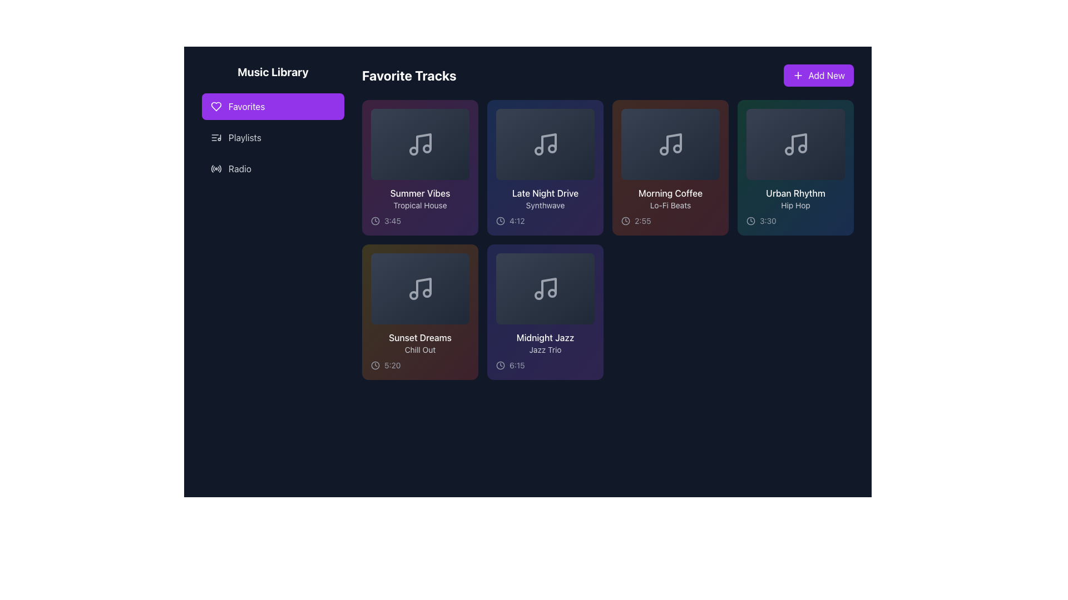 Image resolution: width=1068 pixels, height=600 pixels. Describe the element at coordinates (798, 75) in the screenshot. I see `the plus icon representing the 'Add New' action, located to the left of the 'Add New' button at the top-right corner of the interface` at that location.